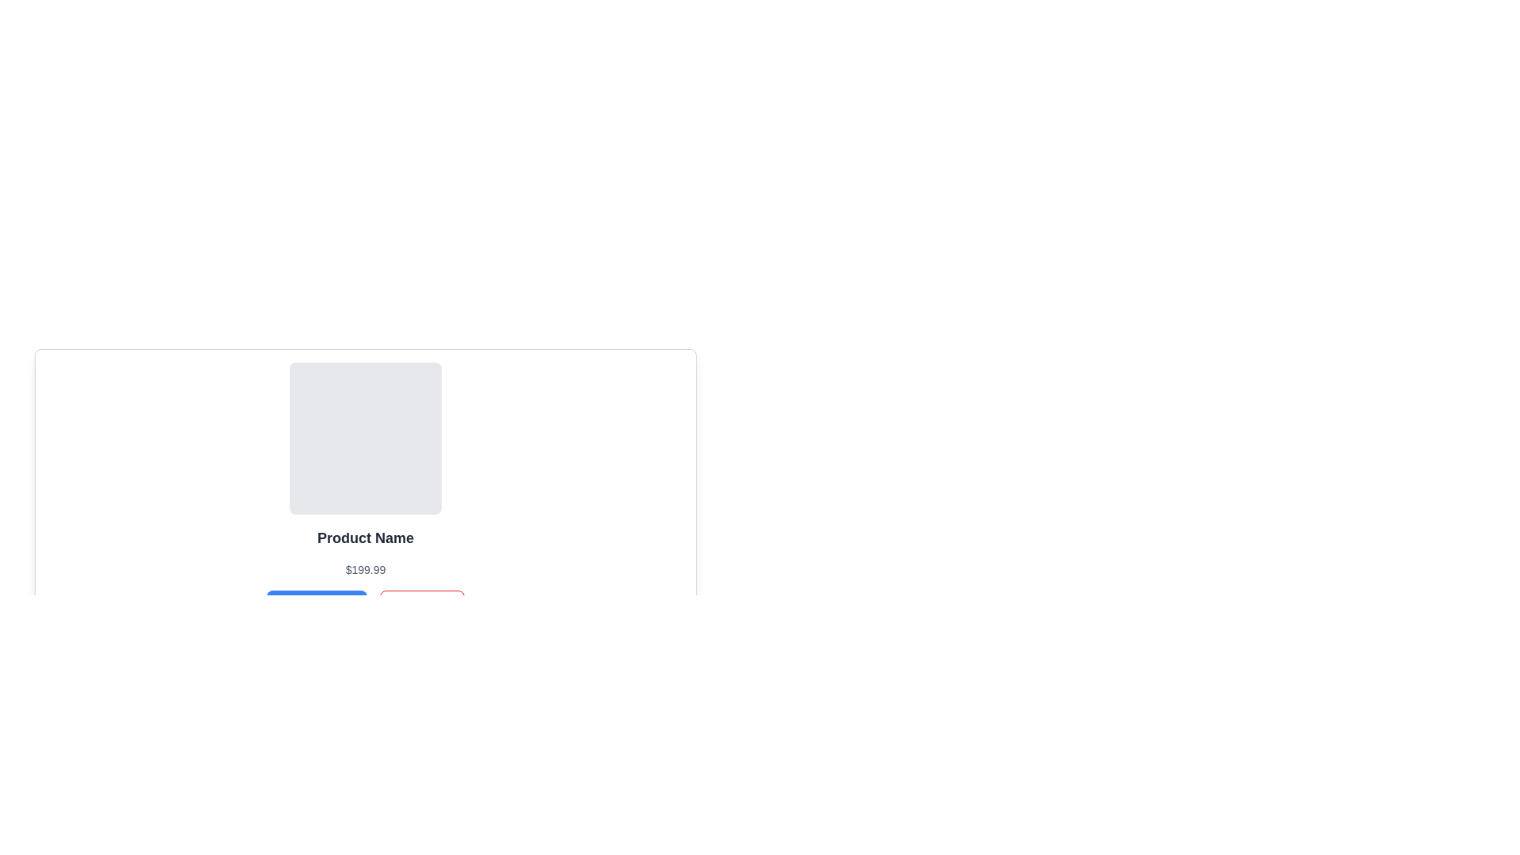 This screenshot has width=1520, height=855. Describe the element at coordinates (422, 605) in the screenshot. I see `the second interactive button under the product details, located to the right of the 'Add to Cart' button, to observe hover effects` at that location.